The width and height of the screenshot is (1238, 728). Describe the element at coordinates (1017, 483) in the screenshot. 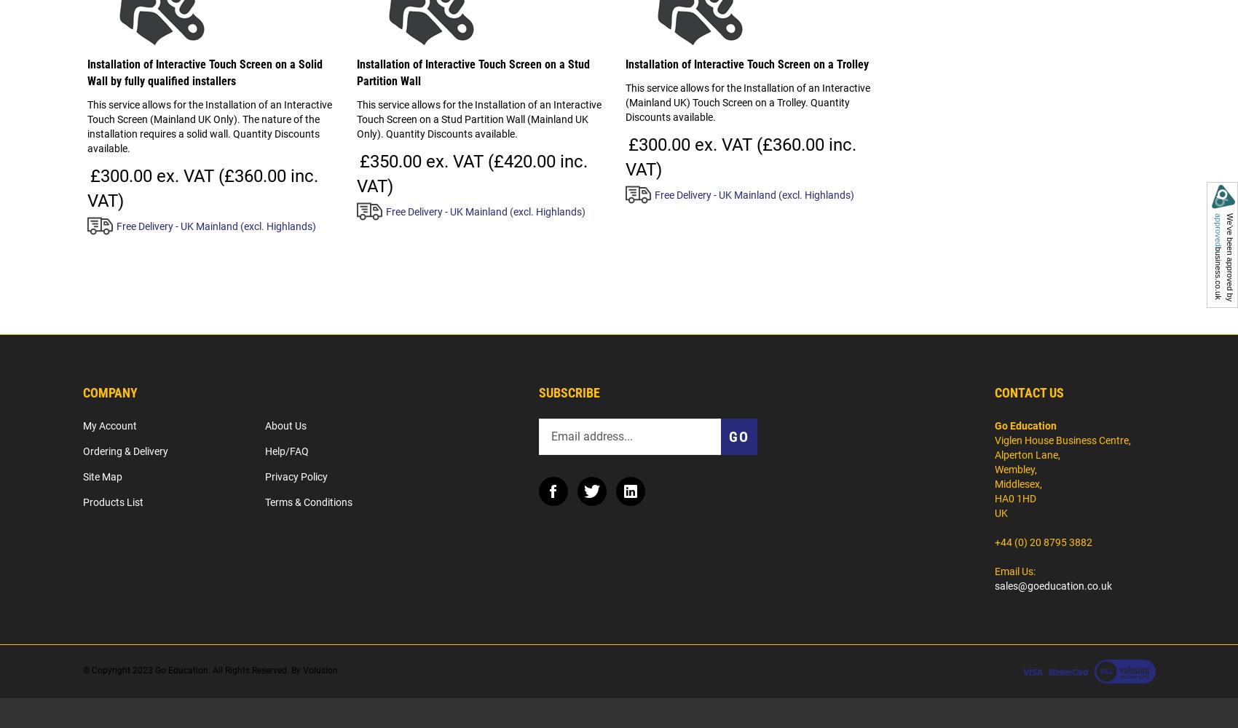

I see `'Middlesex,'` at that location.